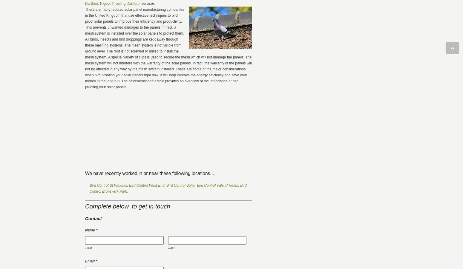  Describe the element at coordinates (168, 48) in the screenshot. I see `'There are many reputed solar panel manufacturing companies in the United Kingdom that use effective techniques to bird proof solar panels to improve their efficiency and productivity. This prevents unwanted damages to the panels. In fact, a mesh system is installed over the solar panels to protect them. All birds, insects and bird droppings are kept away through these meshing systems. The mesh system is not visible from ground level. The roof is not screwed or drilled to install the mesh system. A special variety of clips is used to secure the mesh which will not damage the panels. The mesh system will not interfere with the warranty of the solar panels. In fact, the warranty of the panels will not be affected in any way by the mesh system installed. These are some of the major considerations when bird proofing your solar panels right now. It will help improve the energy efficiency and save your money in the long run. The aforementioned article provides an overview of the importance of bird proofing your solar panels.'` at that location.